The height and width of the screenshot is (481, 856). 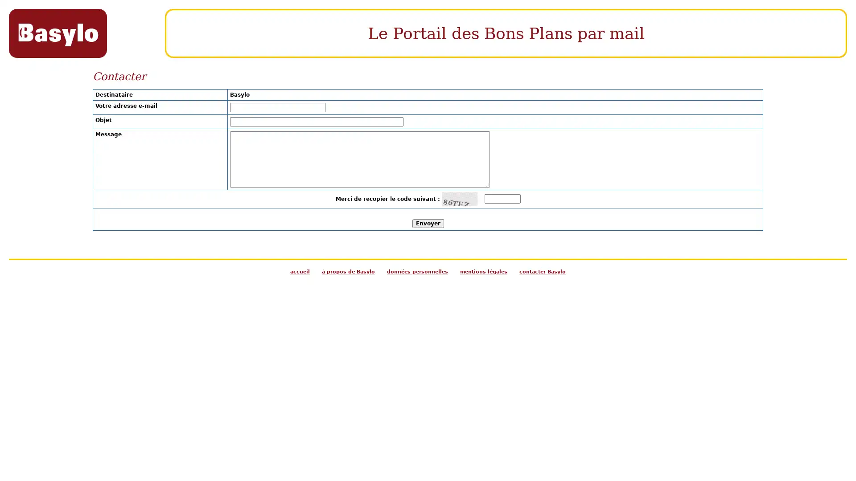 I want to click on Envoyer, so click(x=427, y=223).